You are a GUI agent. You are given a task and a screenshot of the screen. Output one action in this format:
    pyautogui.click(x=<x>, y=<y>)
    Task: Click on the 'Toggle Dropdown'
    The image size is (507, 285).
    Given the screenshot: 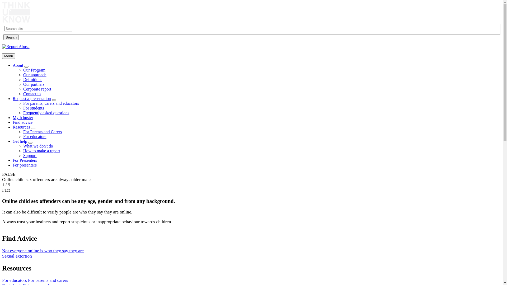 What is the action you would take?
    pyautogui.click(x=33, y=128)
    